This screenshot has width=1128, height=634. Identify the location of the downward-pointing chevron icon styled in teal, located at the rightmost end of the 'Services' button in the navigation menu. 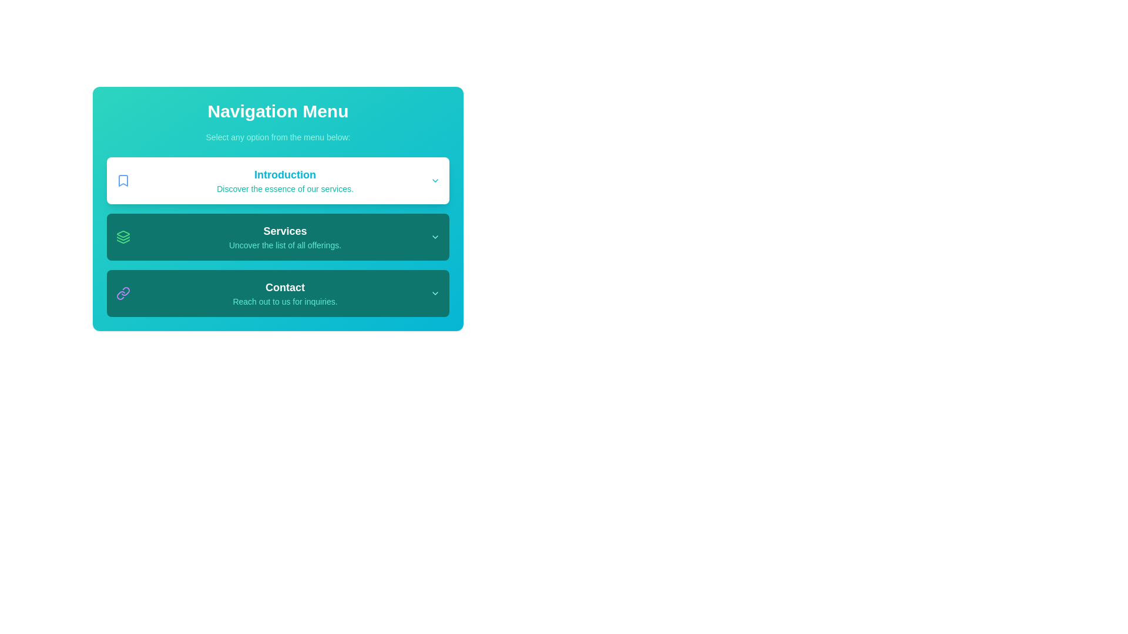
(434, 237).